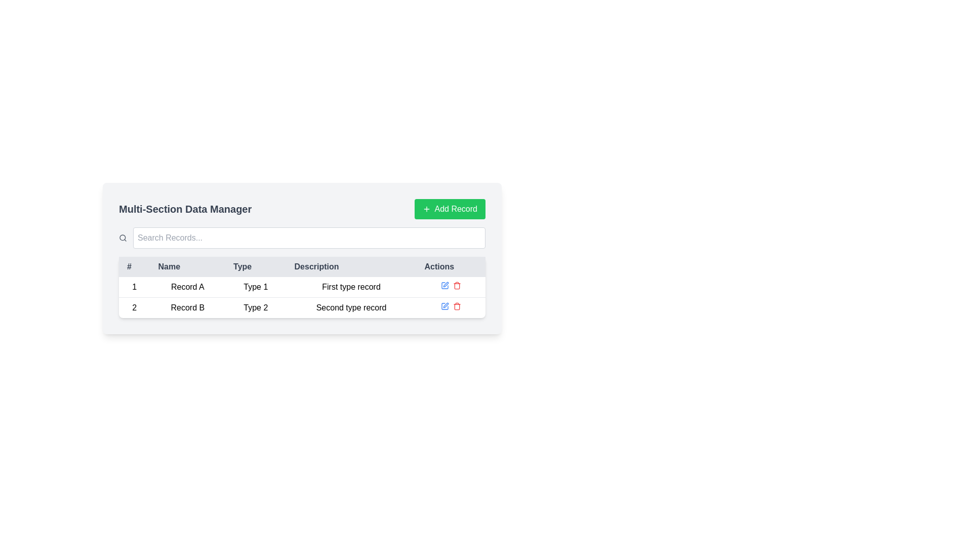 This screenshot has width=972, height=547. Describe the element at coordinates (351, 307) in the screenshot. I see `the text label displaying 'Second type record' in black font within the data table, located in the second row under the 'Description' column` at that location.